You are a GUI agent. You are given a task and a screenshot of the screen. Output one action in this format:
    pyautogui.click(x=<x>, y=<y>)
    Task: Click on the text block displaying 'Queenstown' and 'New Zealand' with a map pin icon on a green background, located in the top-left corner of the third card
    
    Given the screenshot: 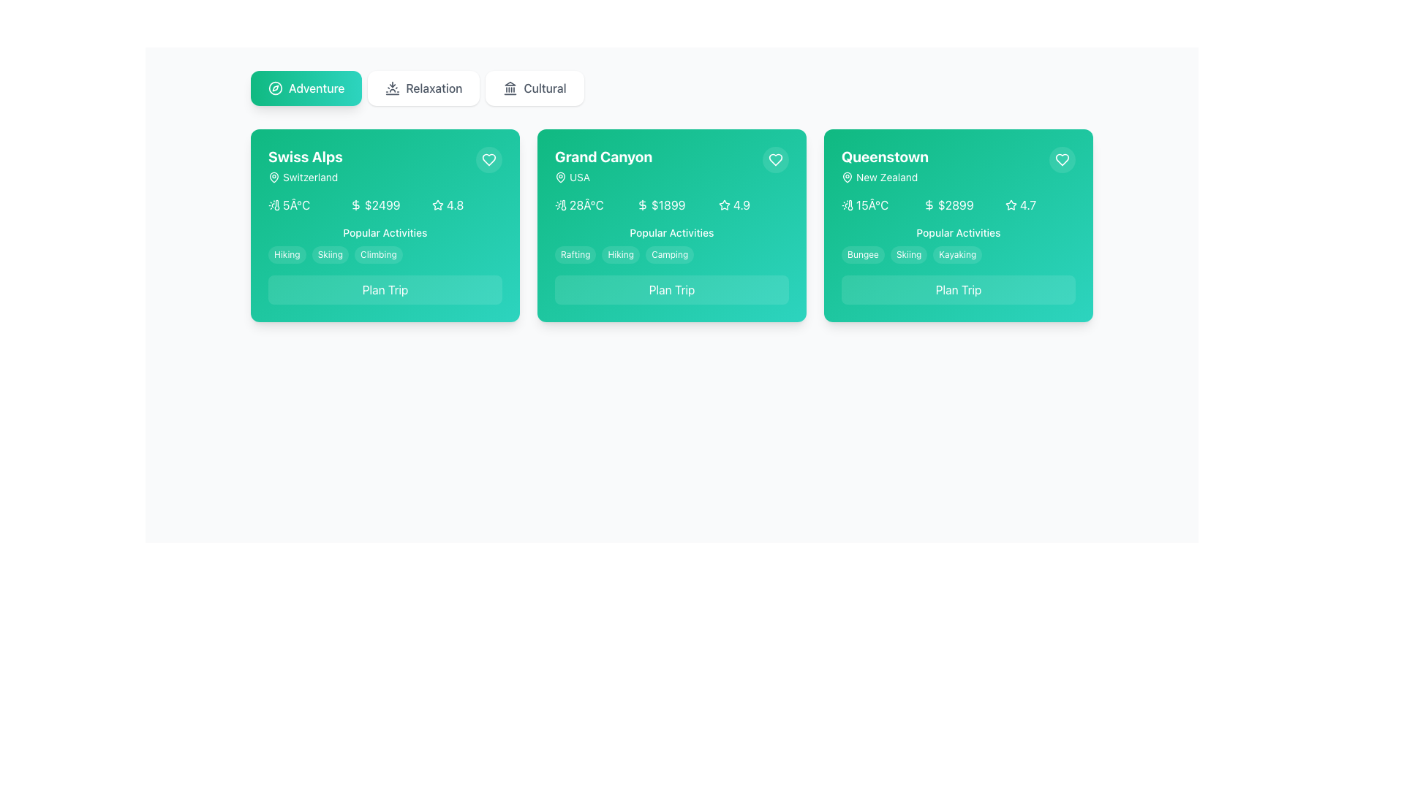 What is the action you would take?
    pyautogui.click(x=884, y=165)
    